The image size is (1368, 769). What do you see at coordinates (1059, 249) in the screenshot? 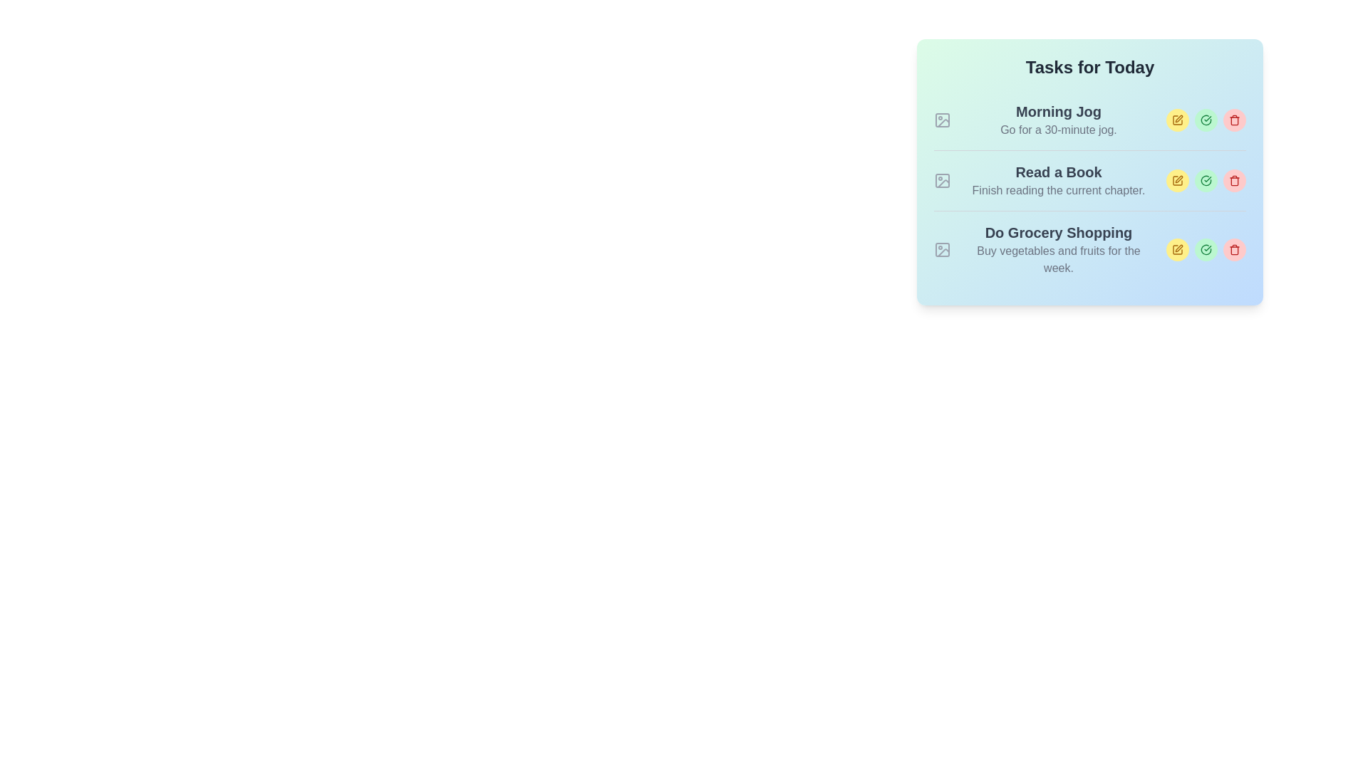
I see `keyboard navigation` at bounding box center [1059, 249].